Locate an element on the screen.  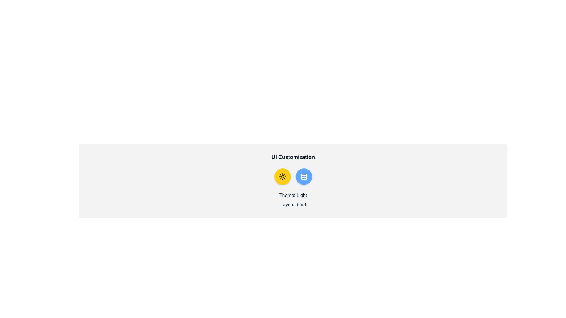
the informational text label displaying the current theme setting 'Light', located in the bottom third of the layout area is located at coordinates (293, 195).